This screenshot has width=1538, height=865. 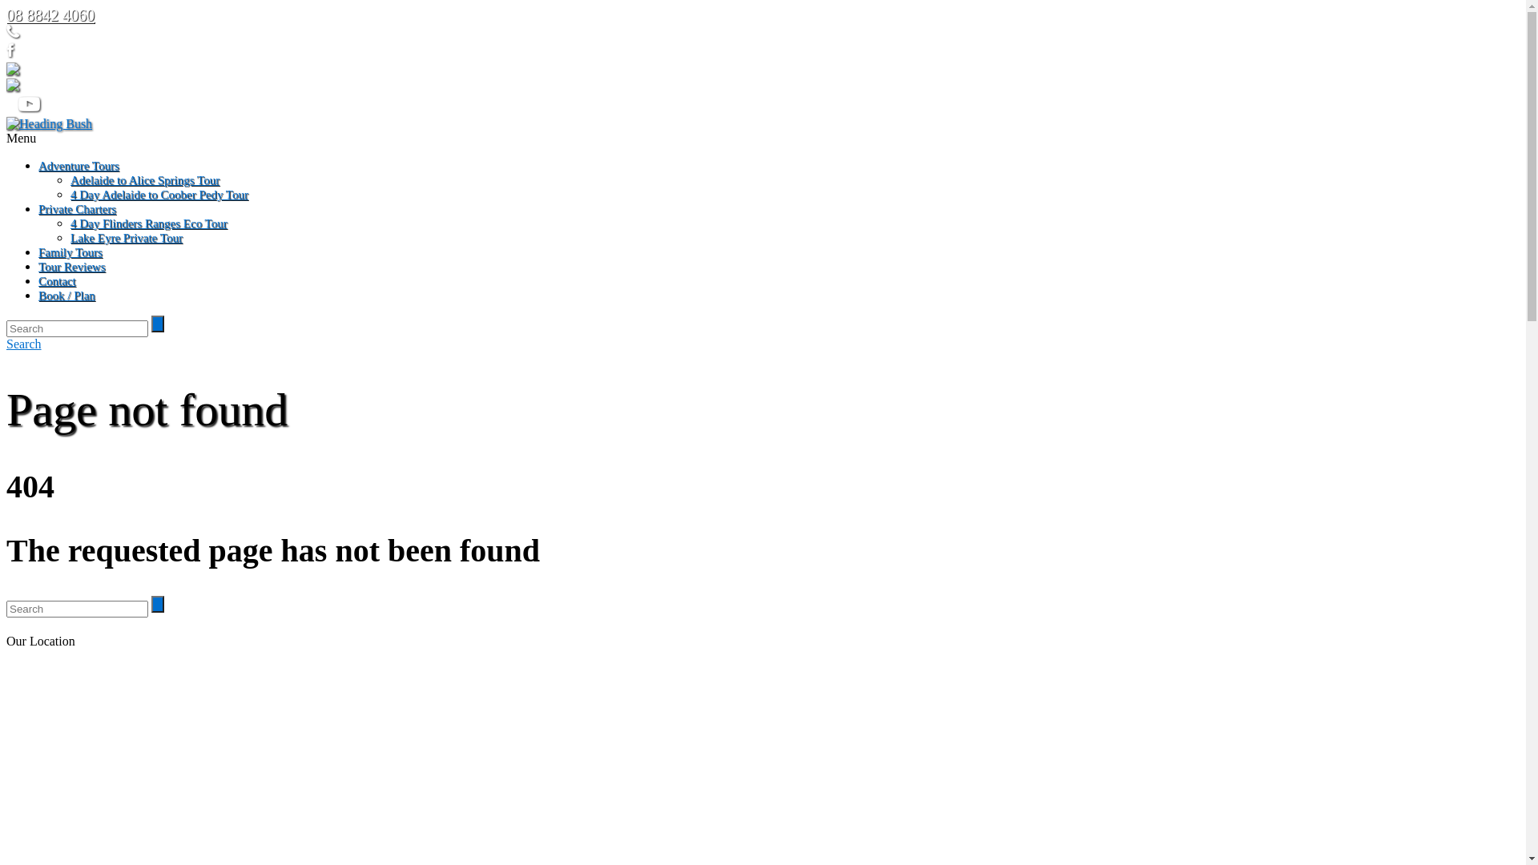 What do you see at coordinates (66, 296) in the screenshot?
I see `'Book / Plan'` at bounding box center [66, 296].